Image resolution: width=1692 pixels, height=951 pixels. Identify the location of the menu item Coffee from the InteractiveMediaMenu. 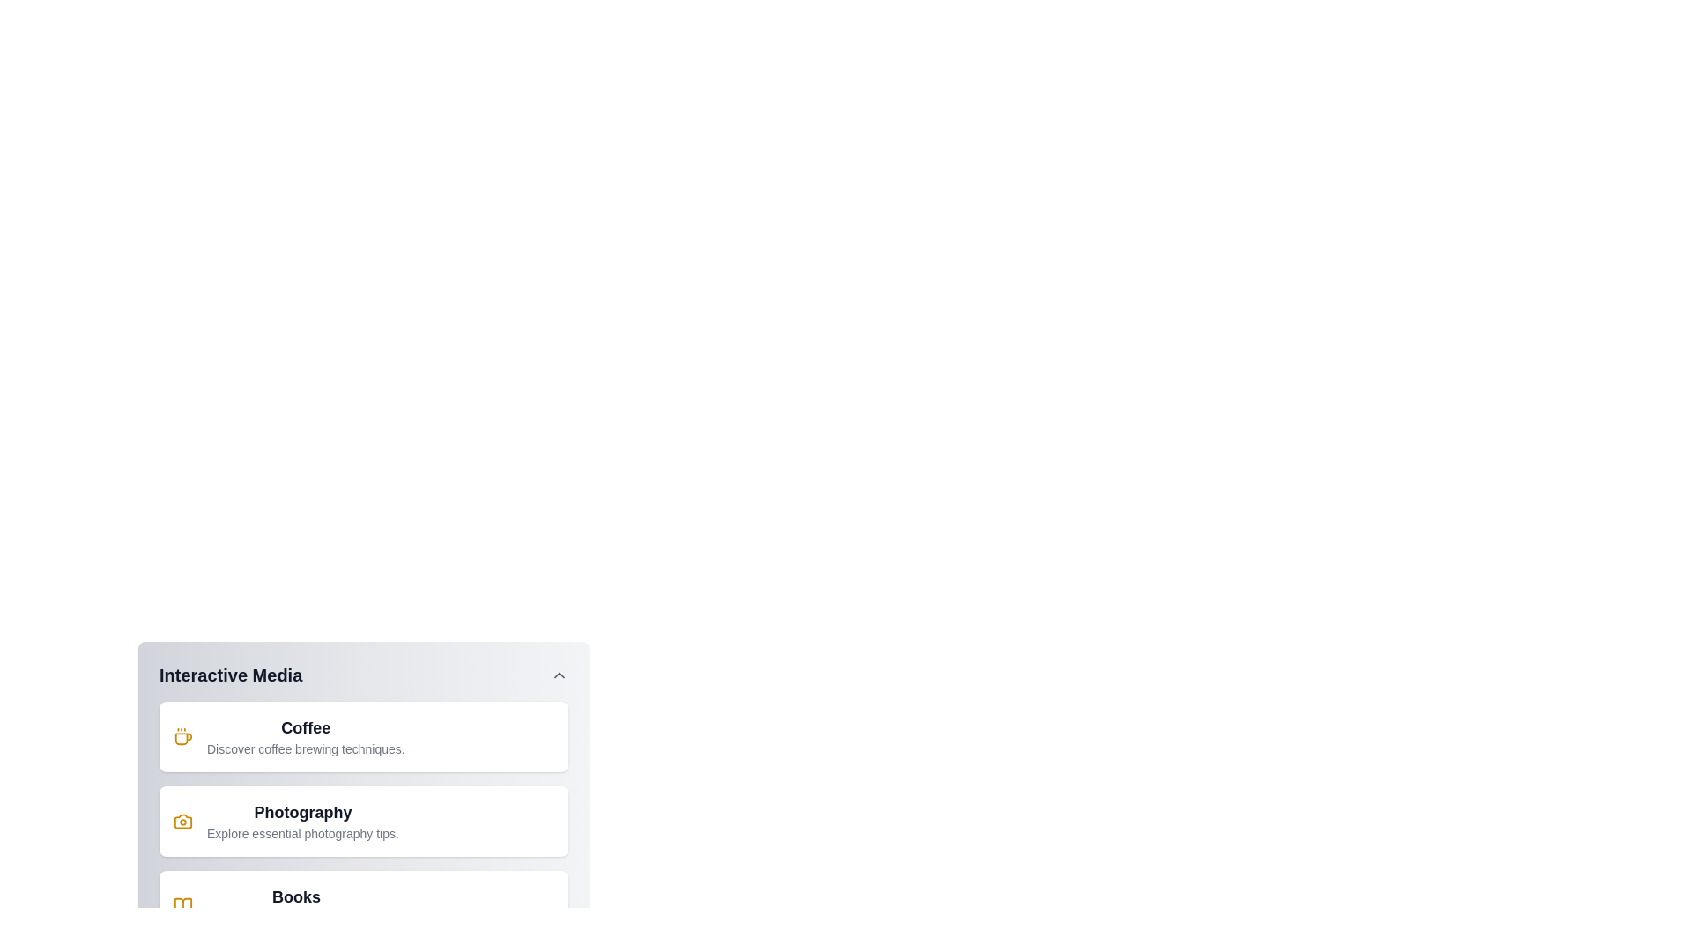
(362, 737).